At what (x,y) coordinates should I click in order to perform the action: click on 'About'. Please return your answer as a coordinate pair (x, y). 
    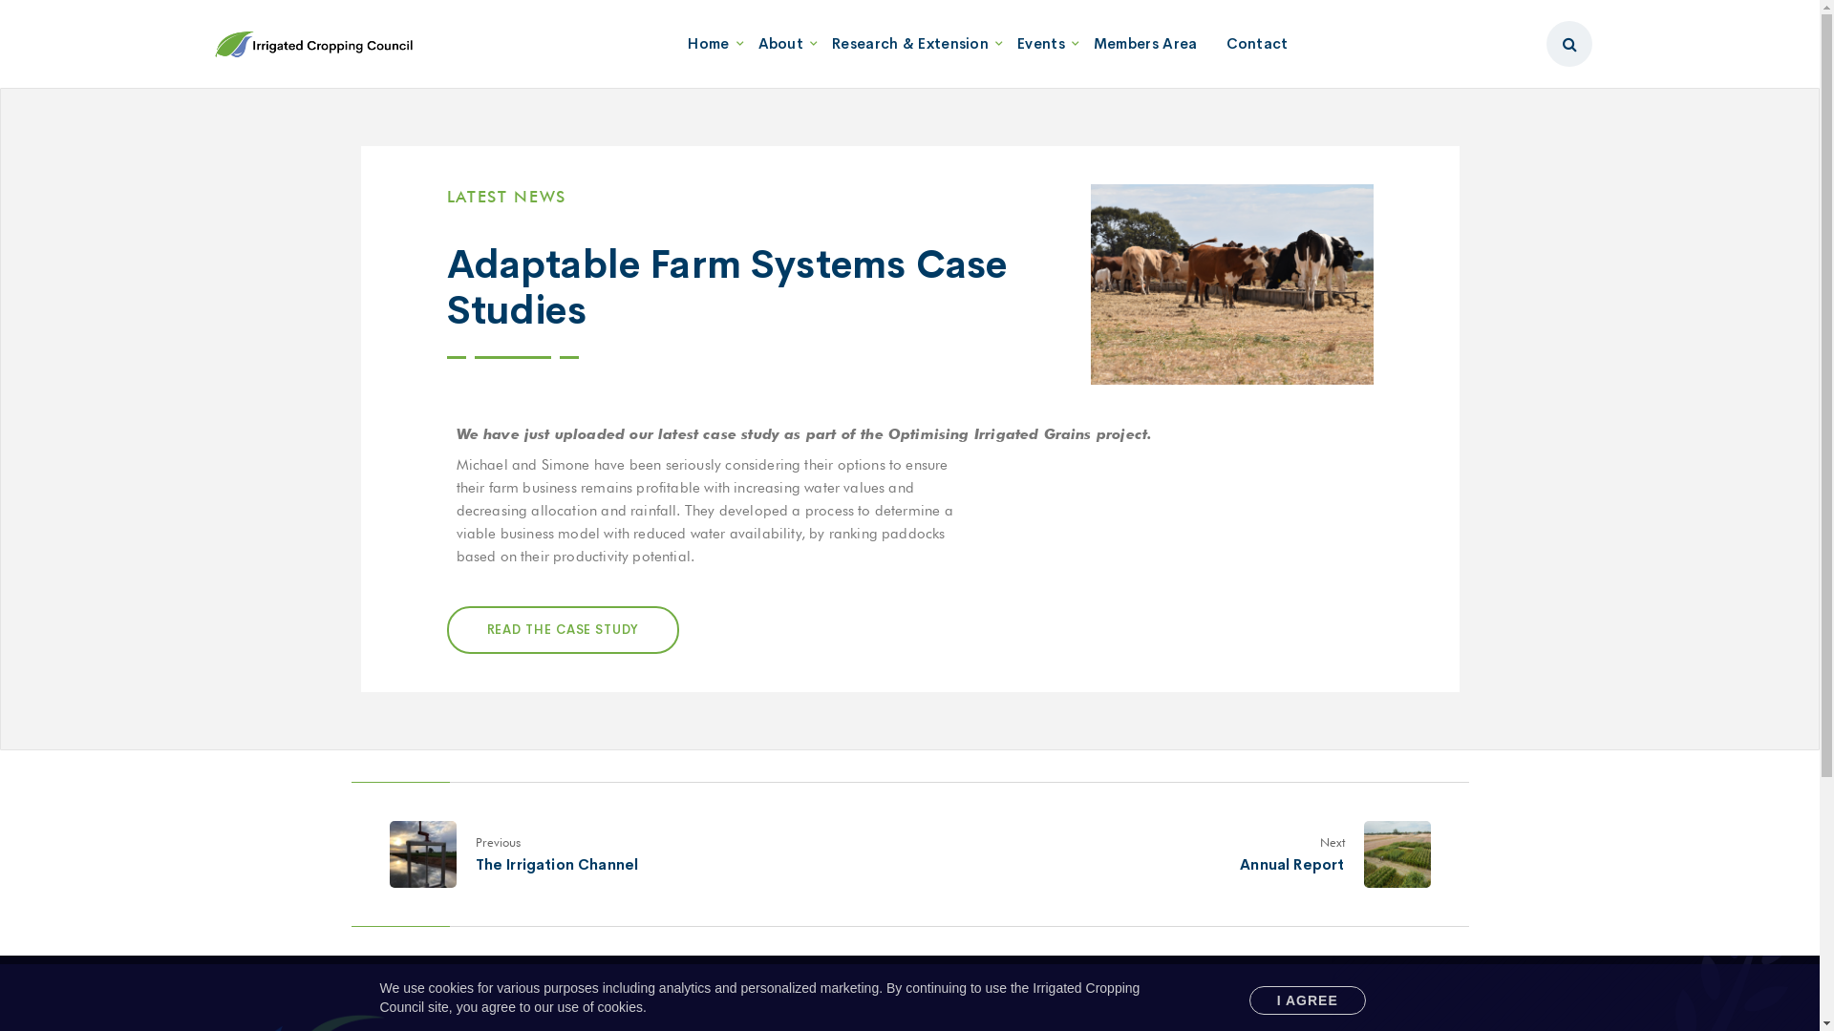
    Looking at the image, I should click on (780, 43).